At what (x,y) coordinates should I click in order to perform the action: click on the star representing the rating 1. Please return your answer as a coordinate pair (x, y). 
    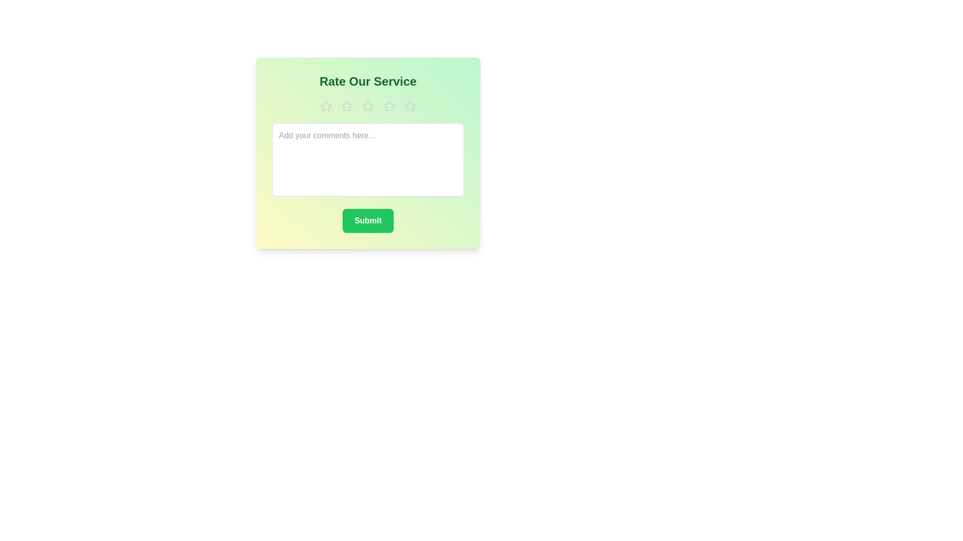
    Looking at the image, I should click on (326, 106).